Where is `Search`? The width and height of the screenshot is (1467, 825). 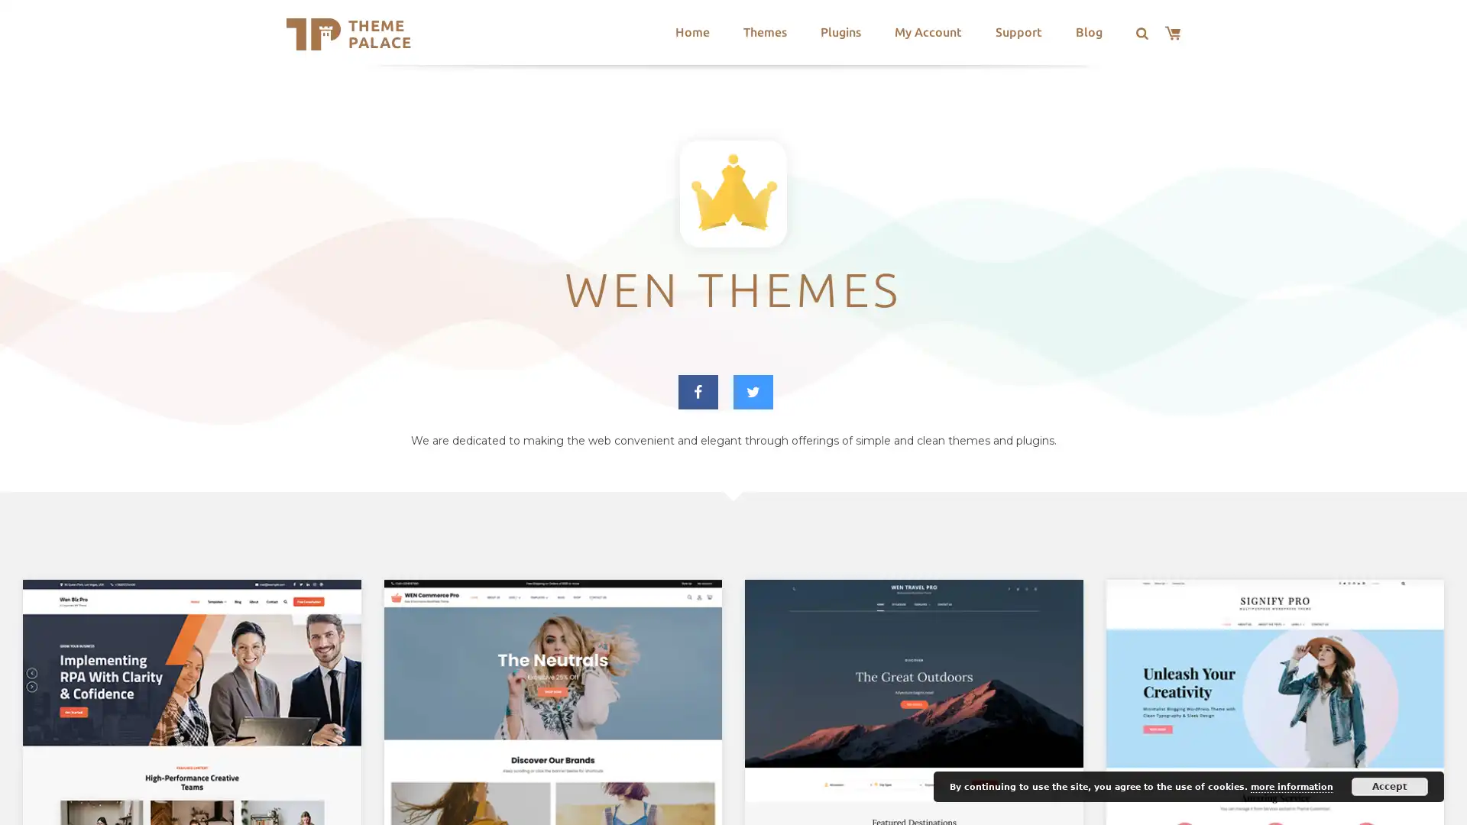 Search is located at coordinates (471, 34).